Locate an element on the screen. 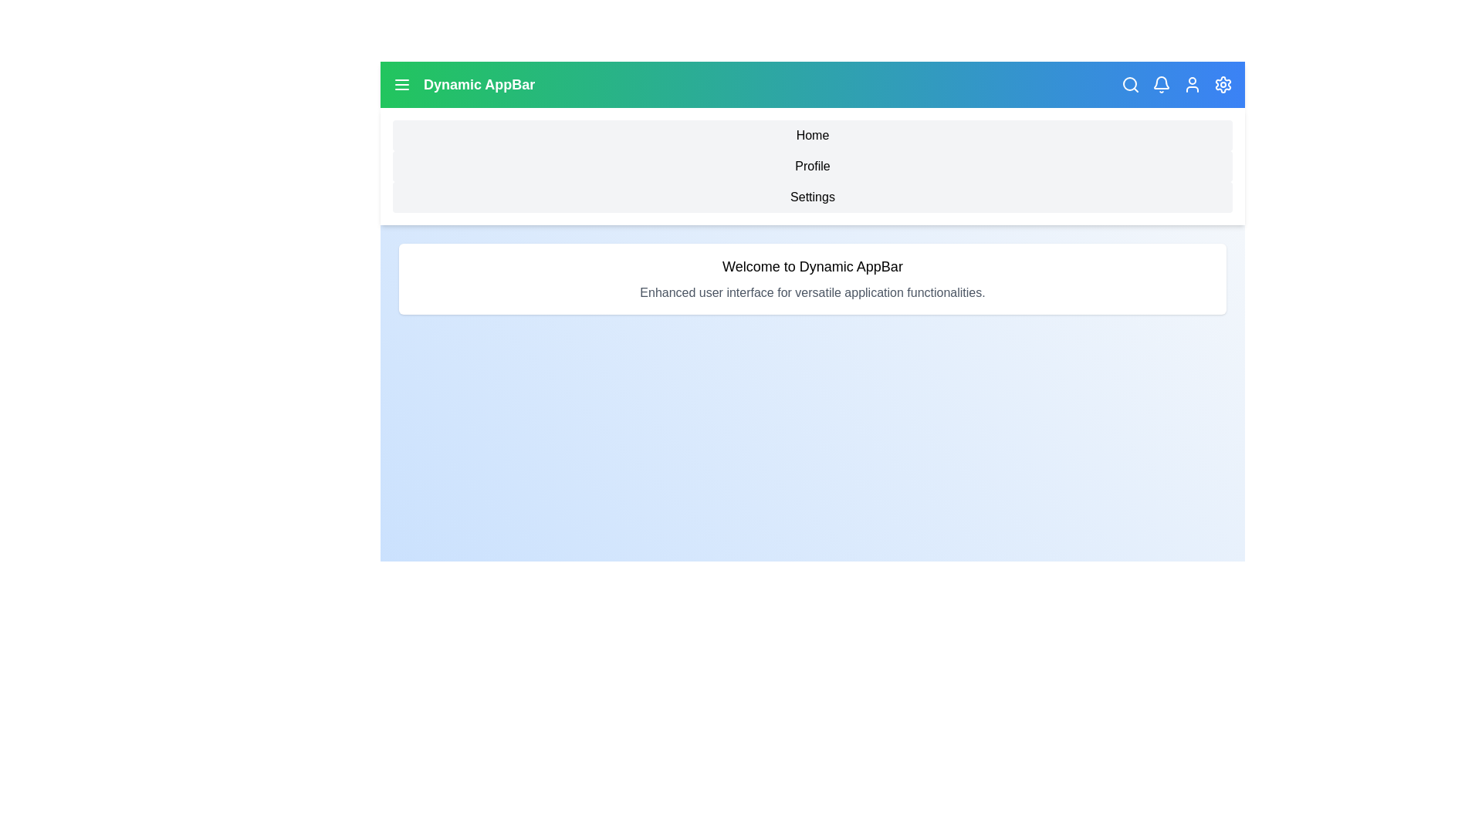  the sidebar menu item labeled Profile is located at coordinates (811, 167).